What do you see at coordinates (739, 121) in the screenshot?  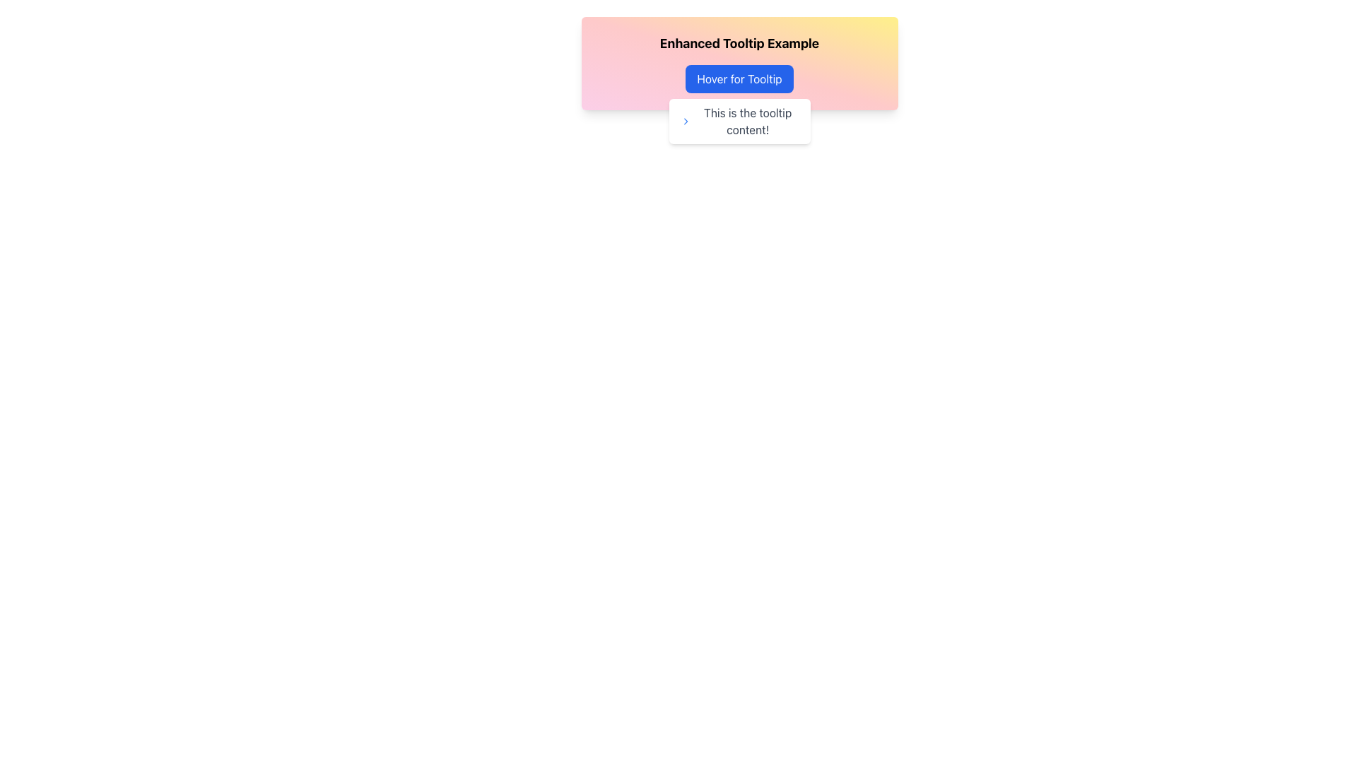 I see `the tooltip with the text 'This is the tooltip content!' that appears below the 'Hover for Tooltip' button` at bounding box center [739, 121].